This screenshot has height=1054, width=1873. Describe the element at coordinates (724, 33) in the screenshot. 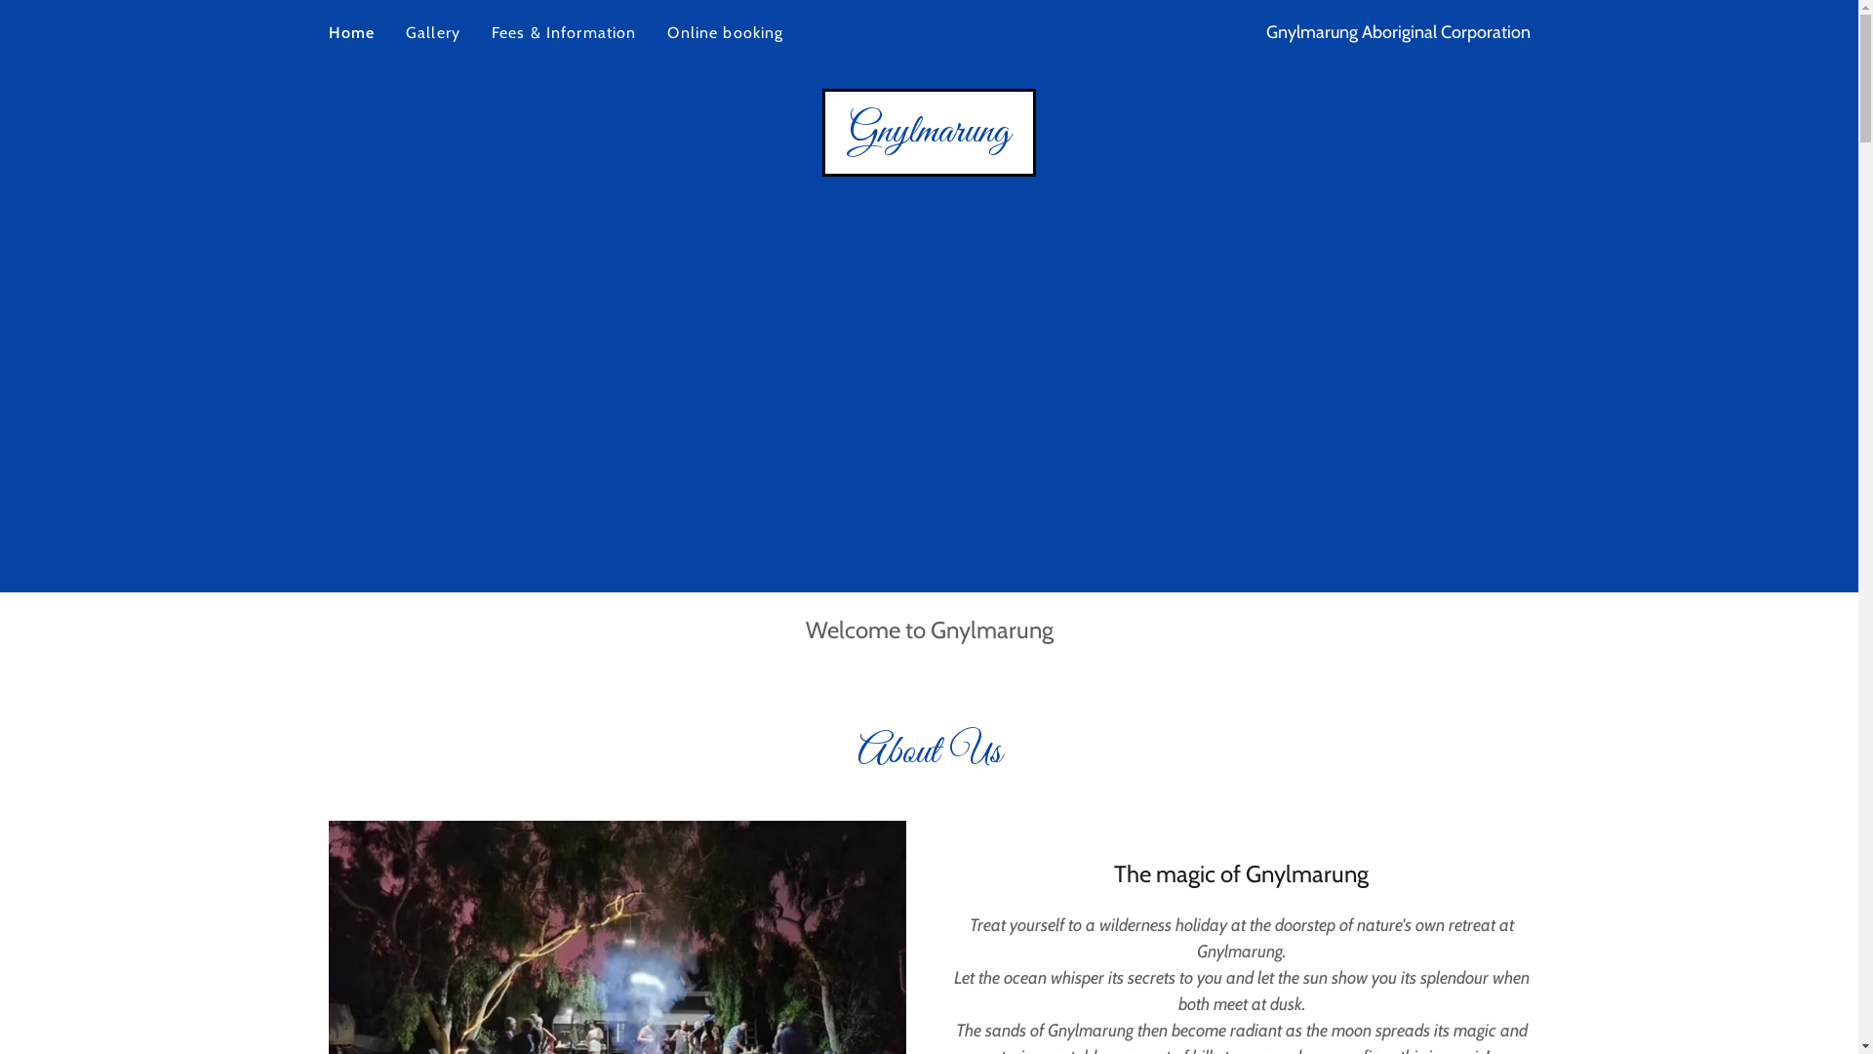

I see `'Online booking'` at that location.